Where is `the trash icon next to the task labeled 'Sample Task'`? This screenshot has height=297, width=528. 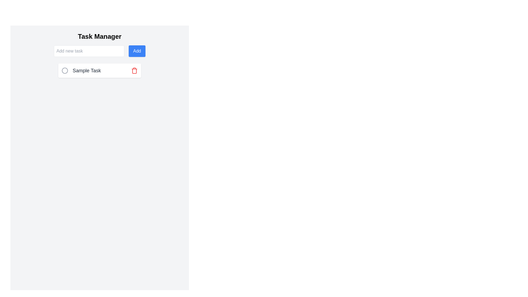 the trash icon next to the task labeled 'Sample Task' is located at coordinates (134, 70).